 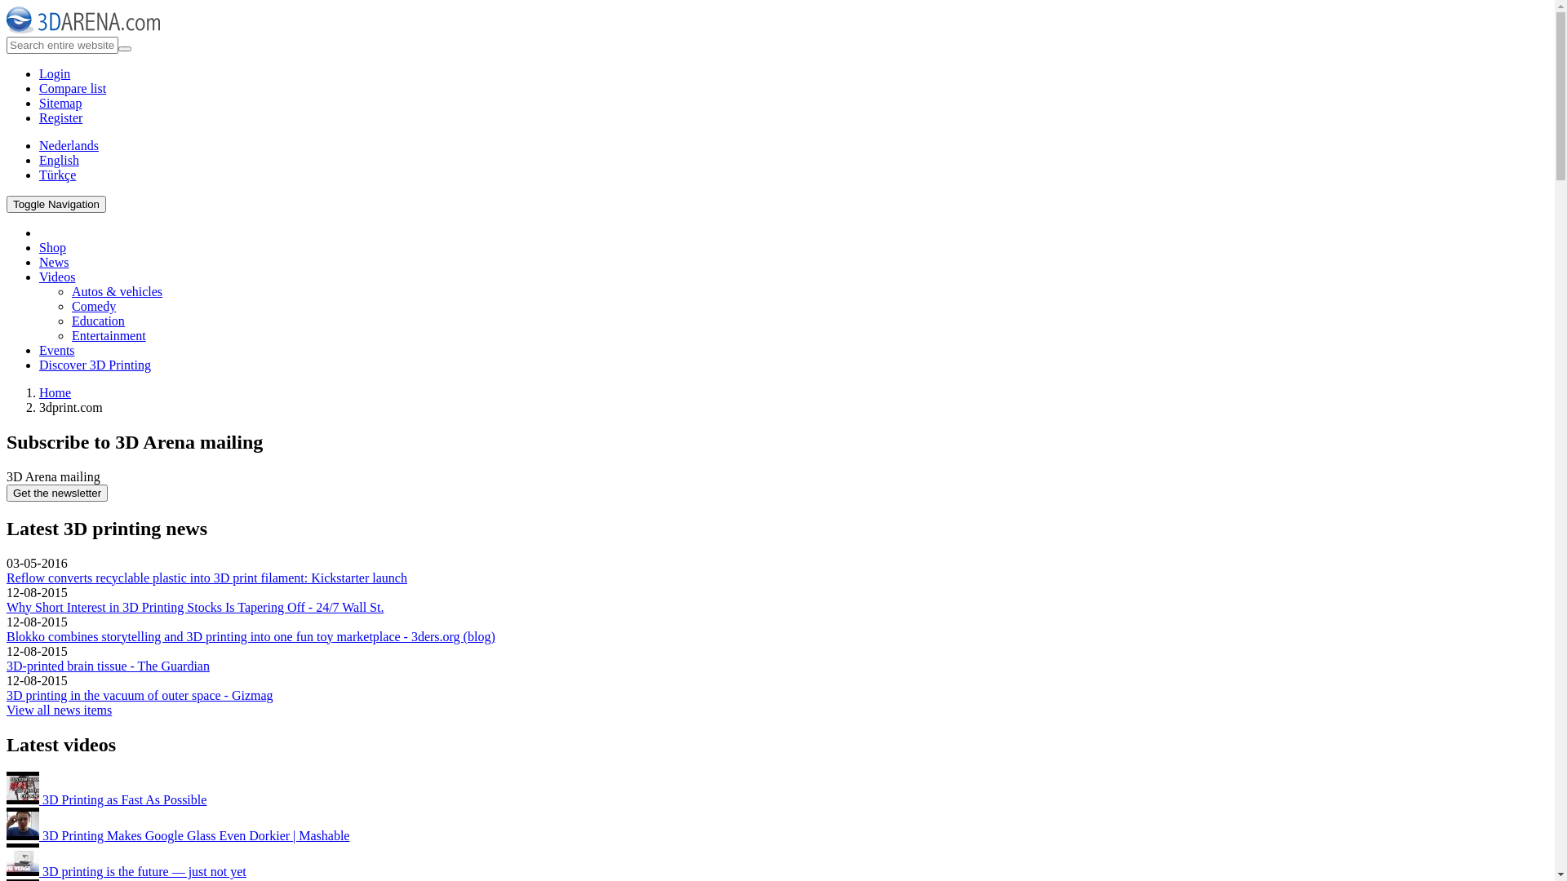 What do you see at coordinates (62, 44) in the screenshot?
I see `'Enter the terms you wish to search for.'` at bounding box center [62, 44].